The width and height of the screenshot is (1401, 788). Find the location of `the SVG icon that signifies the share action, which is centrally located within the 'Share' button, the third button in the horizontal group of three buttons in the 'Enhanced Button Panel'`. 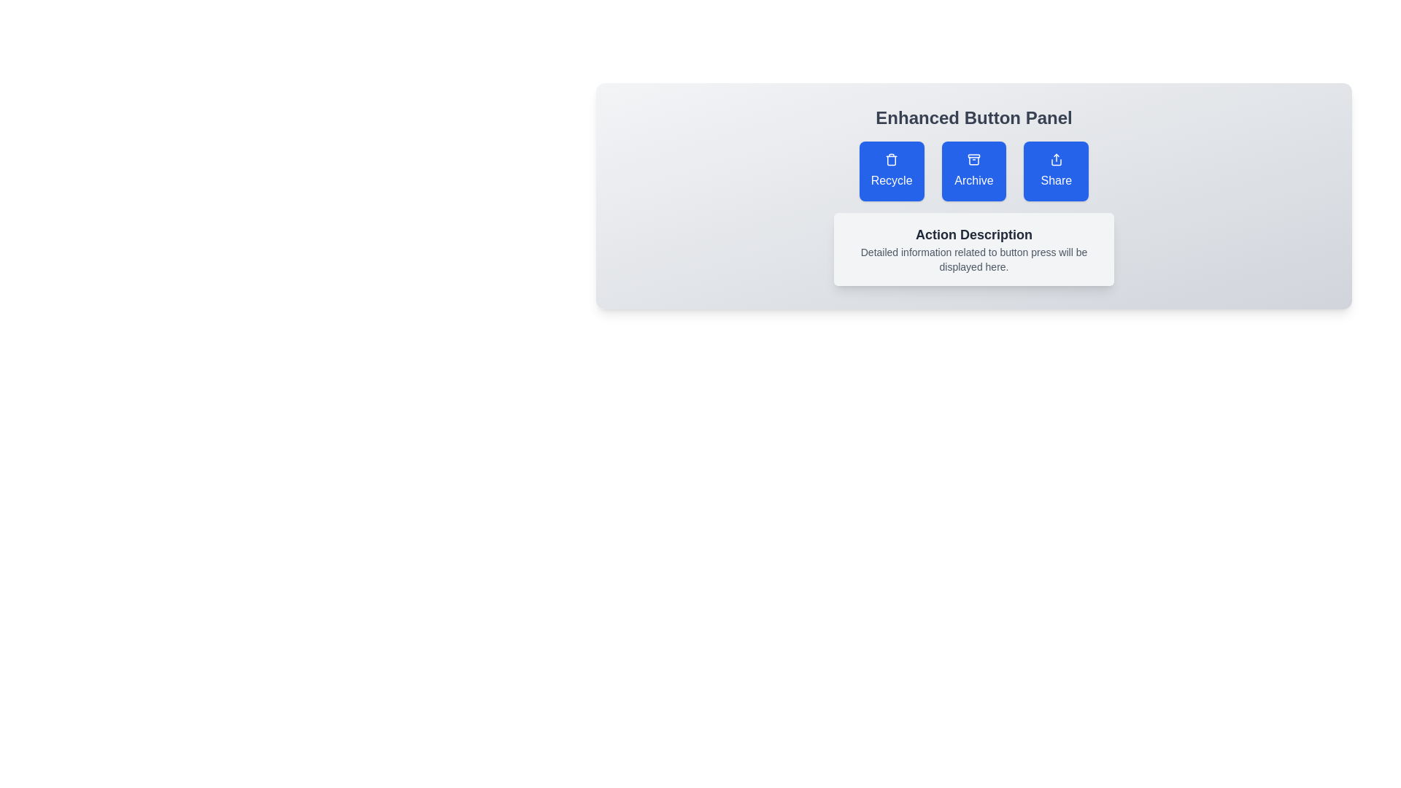

the SVG icon that signifies the share action, which is centrally located within the 'Share' button, the third button in the horizontal group of three buttons in the 'Enhanced Button Panel' is located at coordinates (1056, 160).